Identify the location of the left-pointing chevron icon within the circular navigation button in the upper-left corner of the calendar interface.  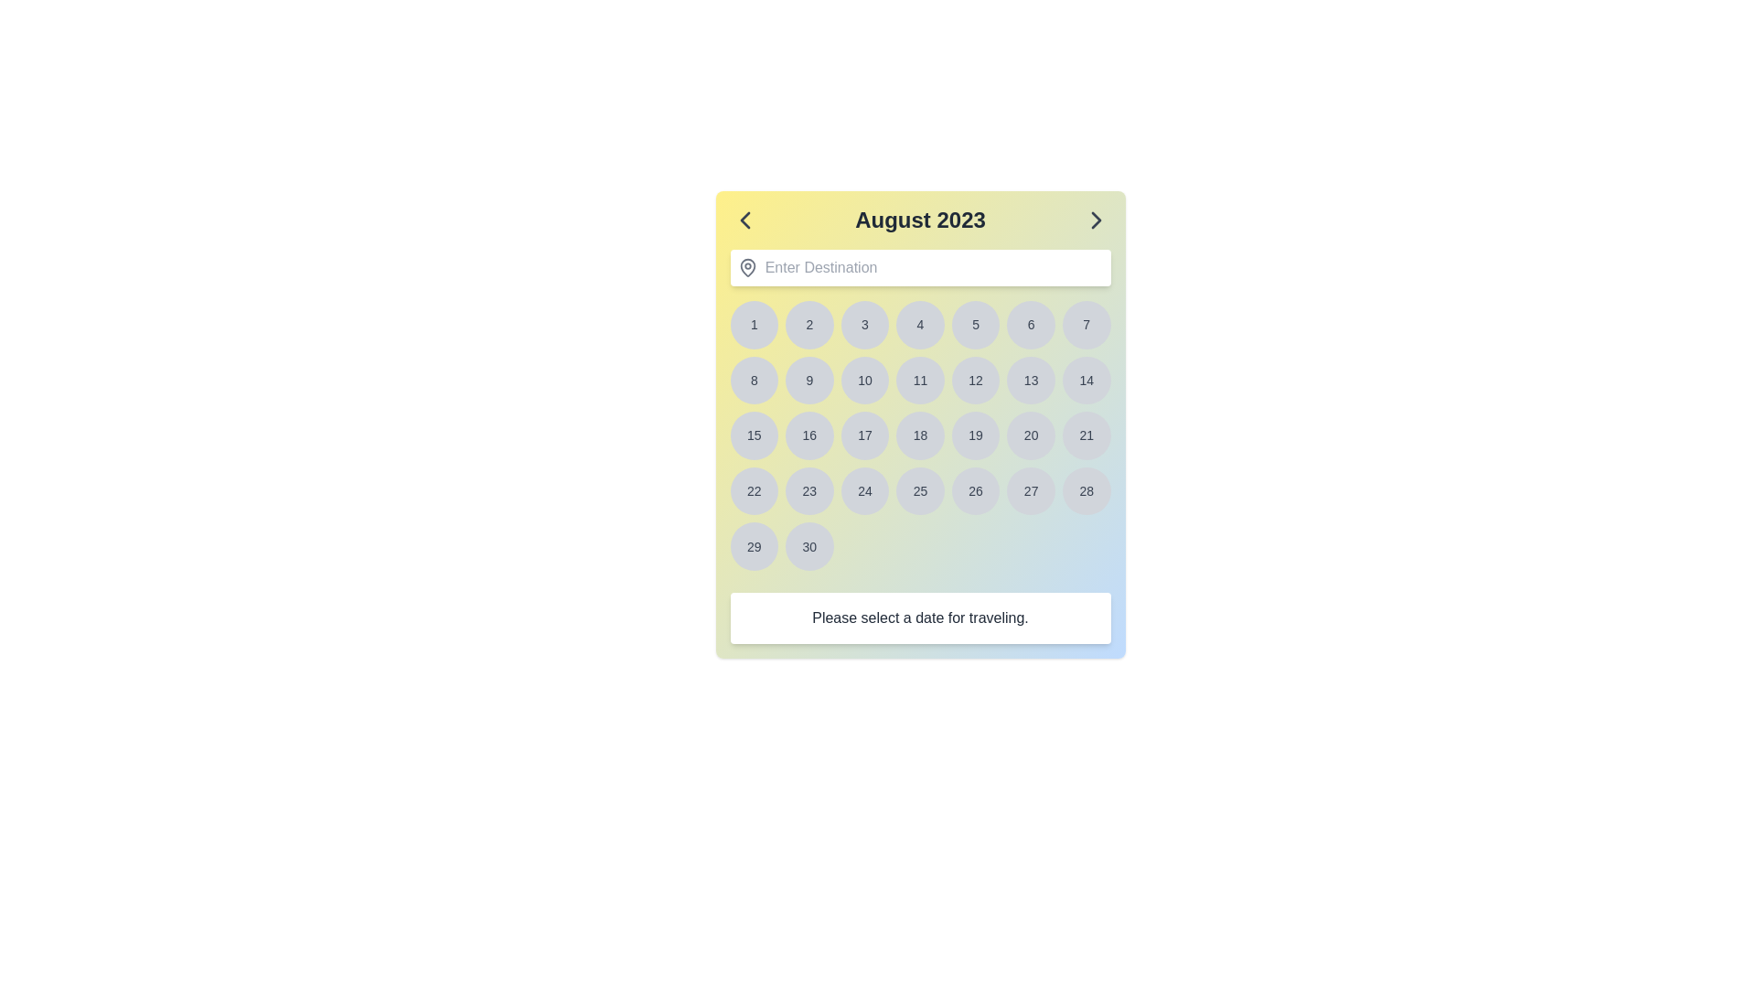
(744, 219).